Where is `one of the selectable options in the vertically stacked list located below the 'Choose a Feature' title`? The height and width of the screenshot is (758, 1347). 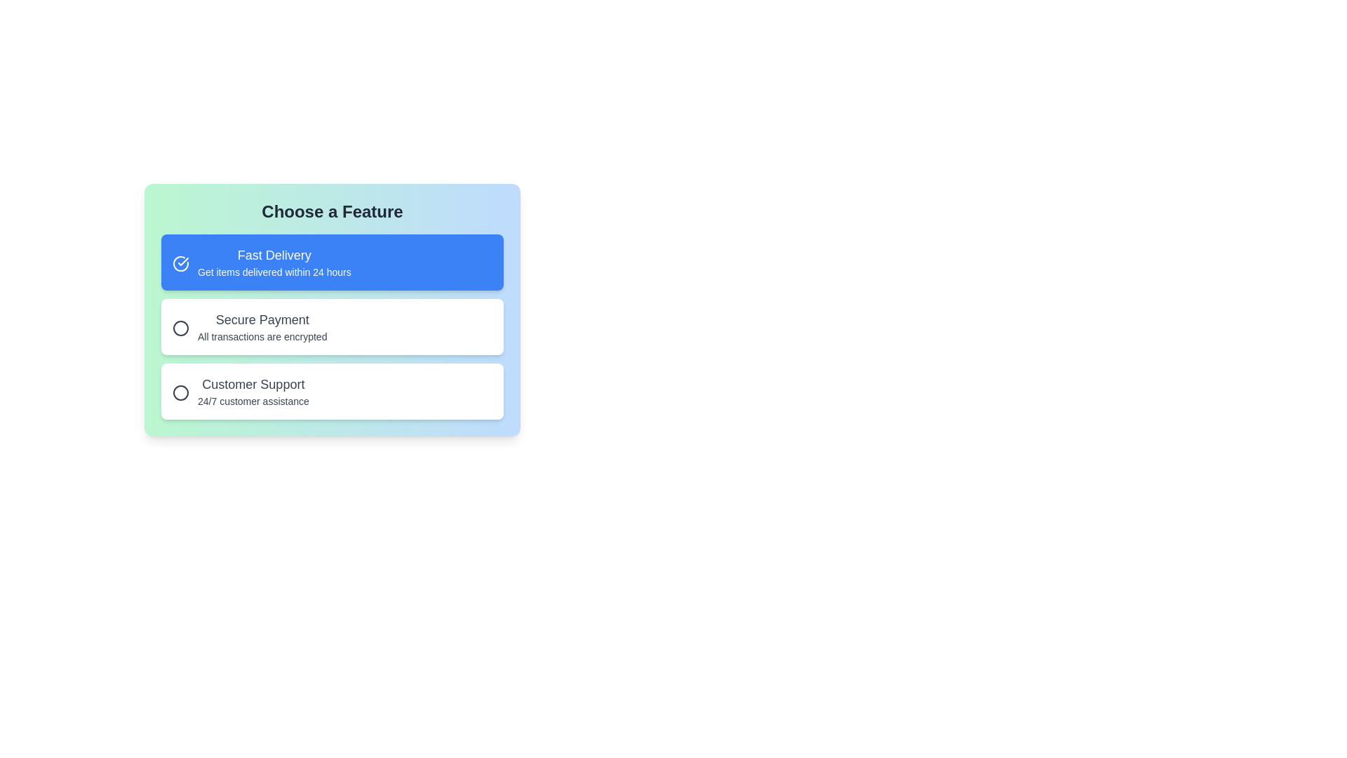 one of the selectable options in the vertically stacked list located below the 'Choose a Feature' title is located at coordinates (332, 327).